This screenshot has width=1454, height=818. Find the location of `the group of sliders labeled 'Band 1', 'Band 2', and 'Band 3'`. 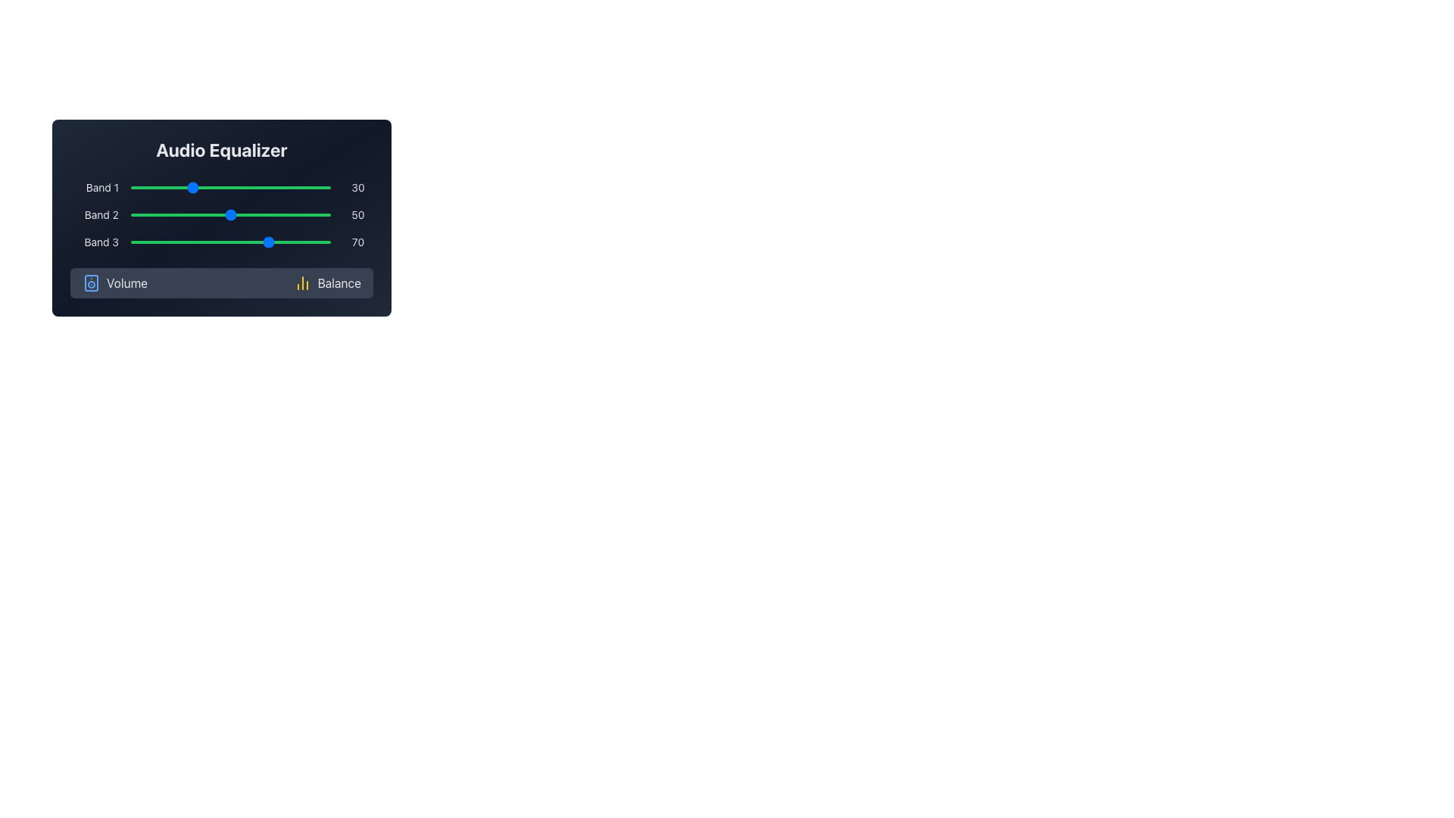

the group of sliders labeled 'Band 1', 'Band 2', and 'Band 3' is located at coordinates (220, 215).